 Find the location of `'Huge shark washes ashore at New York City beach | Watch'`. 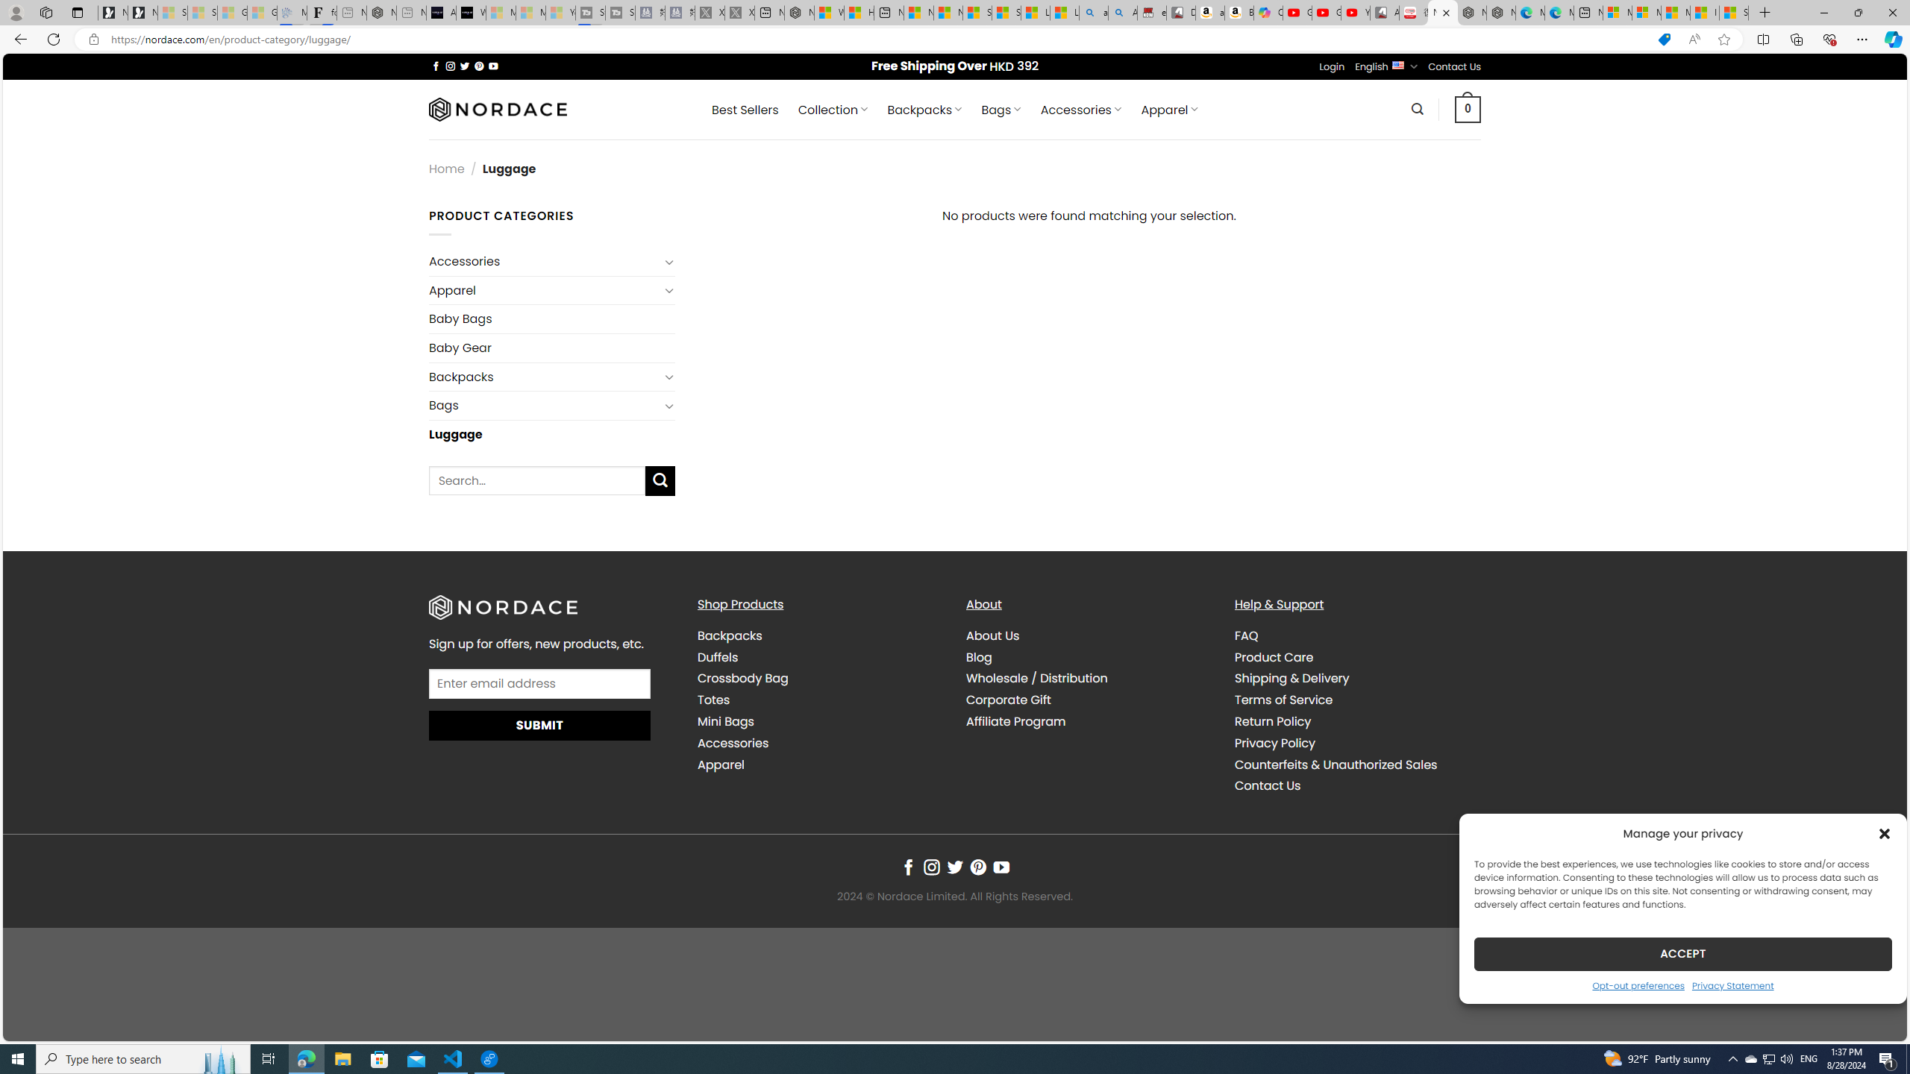

'Huge shark washes ashore at New York City beach | Watch' is located at coordinates (859, 12).